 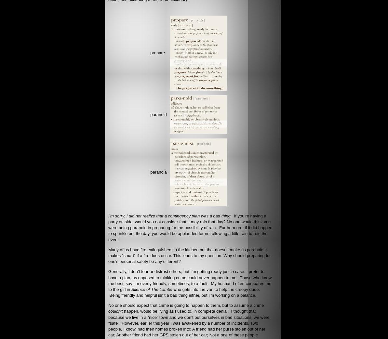 I want to click on 'Many of us have fire extinguishers in the kitchen but that doesn’t make us paranoid it makes "smart" if a fire does occur. This leads to my question: Why should preparing for one's personal safety be any different?', so click(x=189, y=255).